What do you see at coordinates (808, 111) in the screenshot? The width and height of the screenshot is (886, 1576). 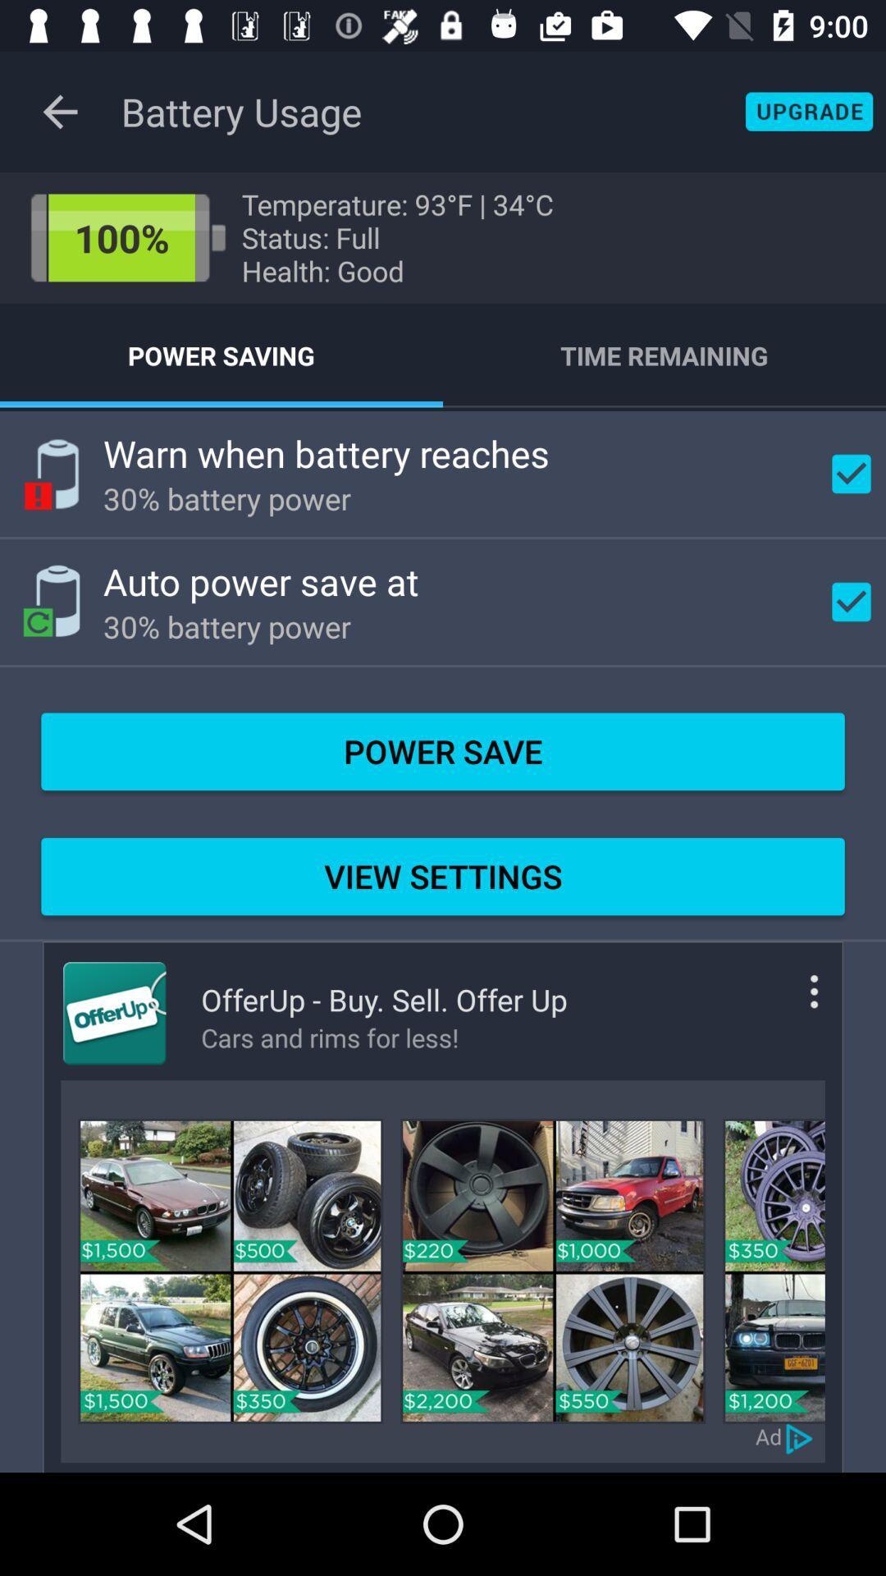 I see `upgrade option` at bounding box center [808, 111].